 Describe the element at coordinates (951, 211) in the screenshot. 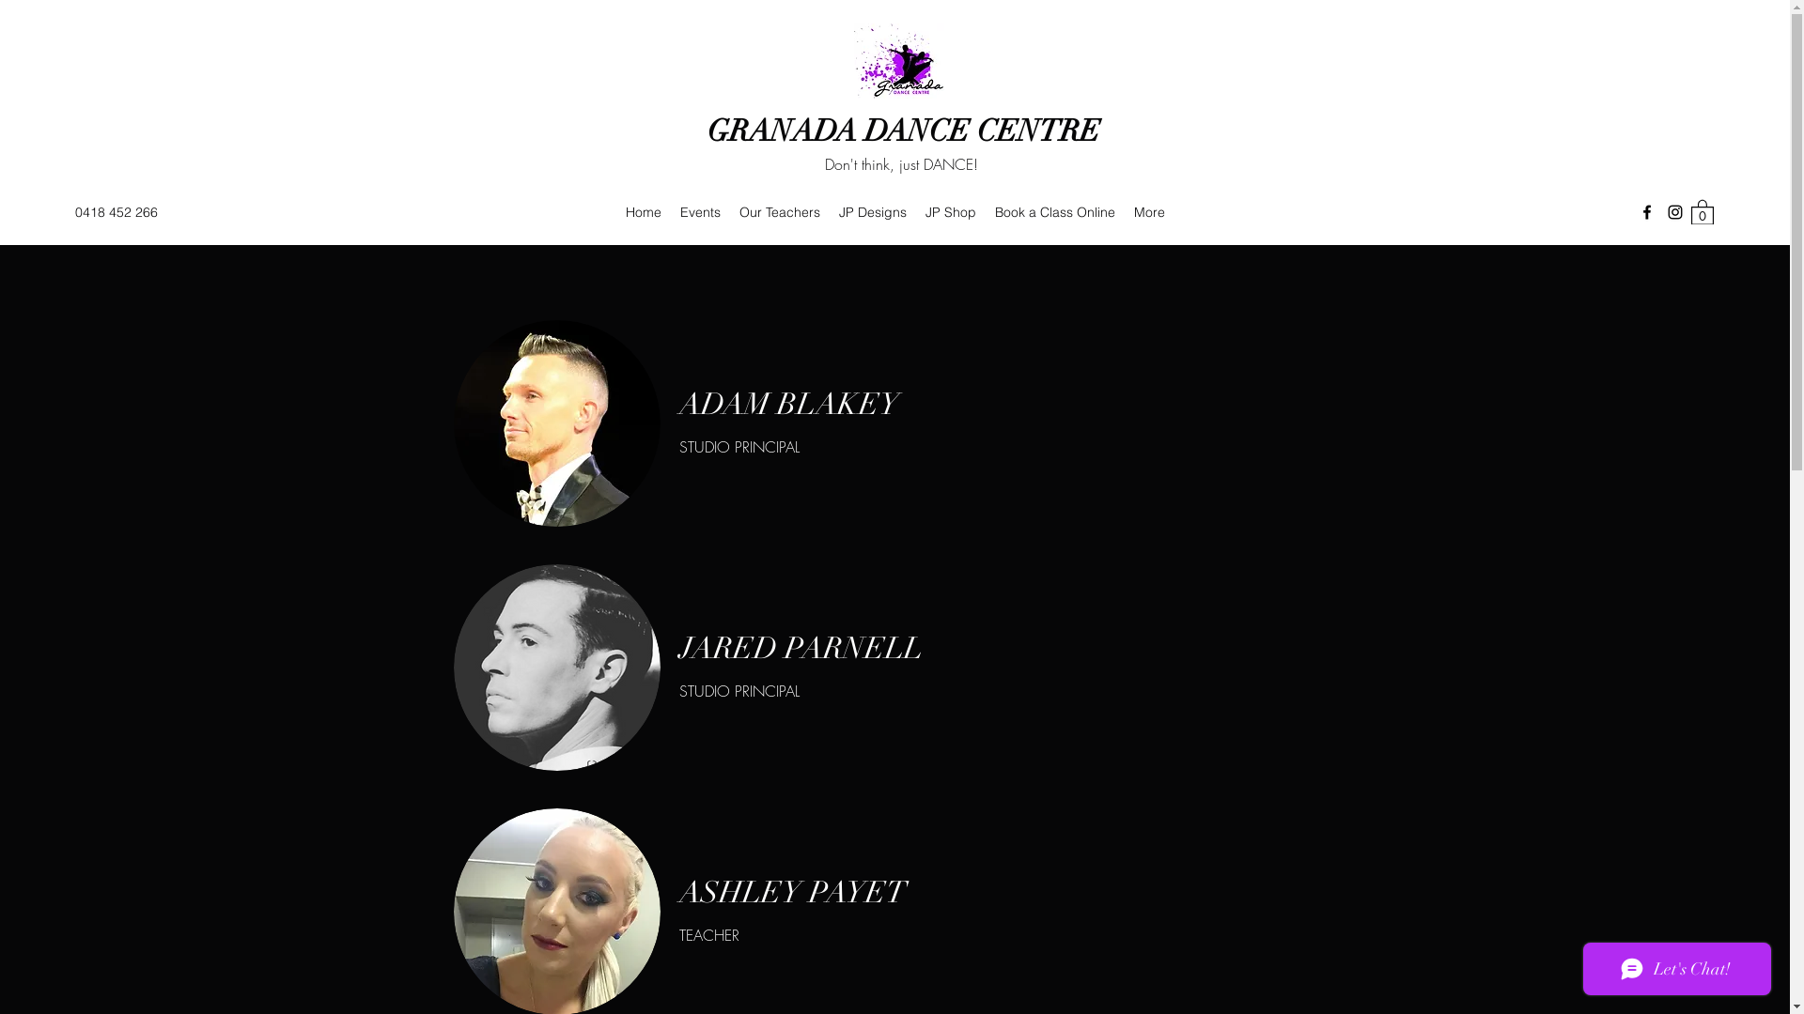

I see `'JP Shop'` at that location.